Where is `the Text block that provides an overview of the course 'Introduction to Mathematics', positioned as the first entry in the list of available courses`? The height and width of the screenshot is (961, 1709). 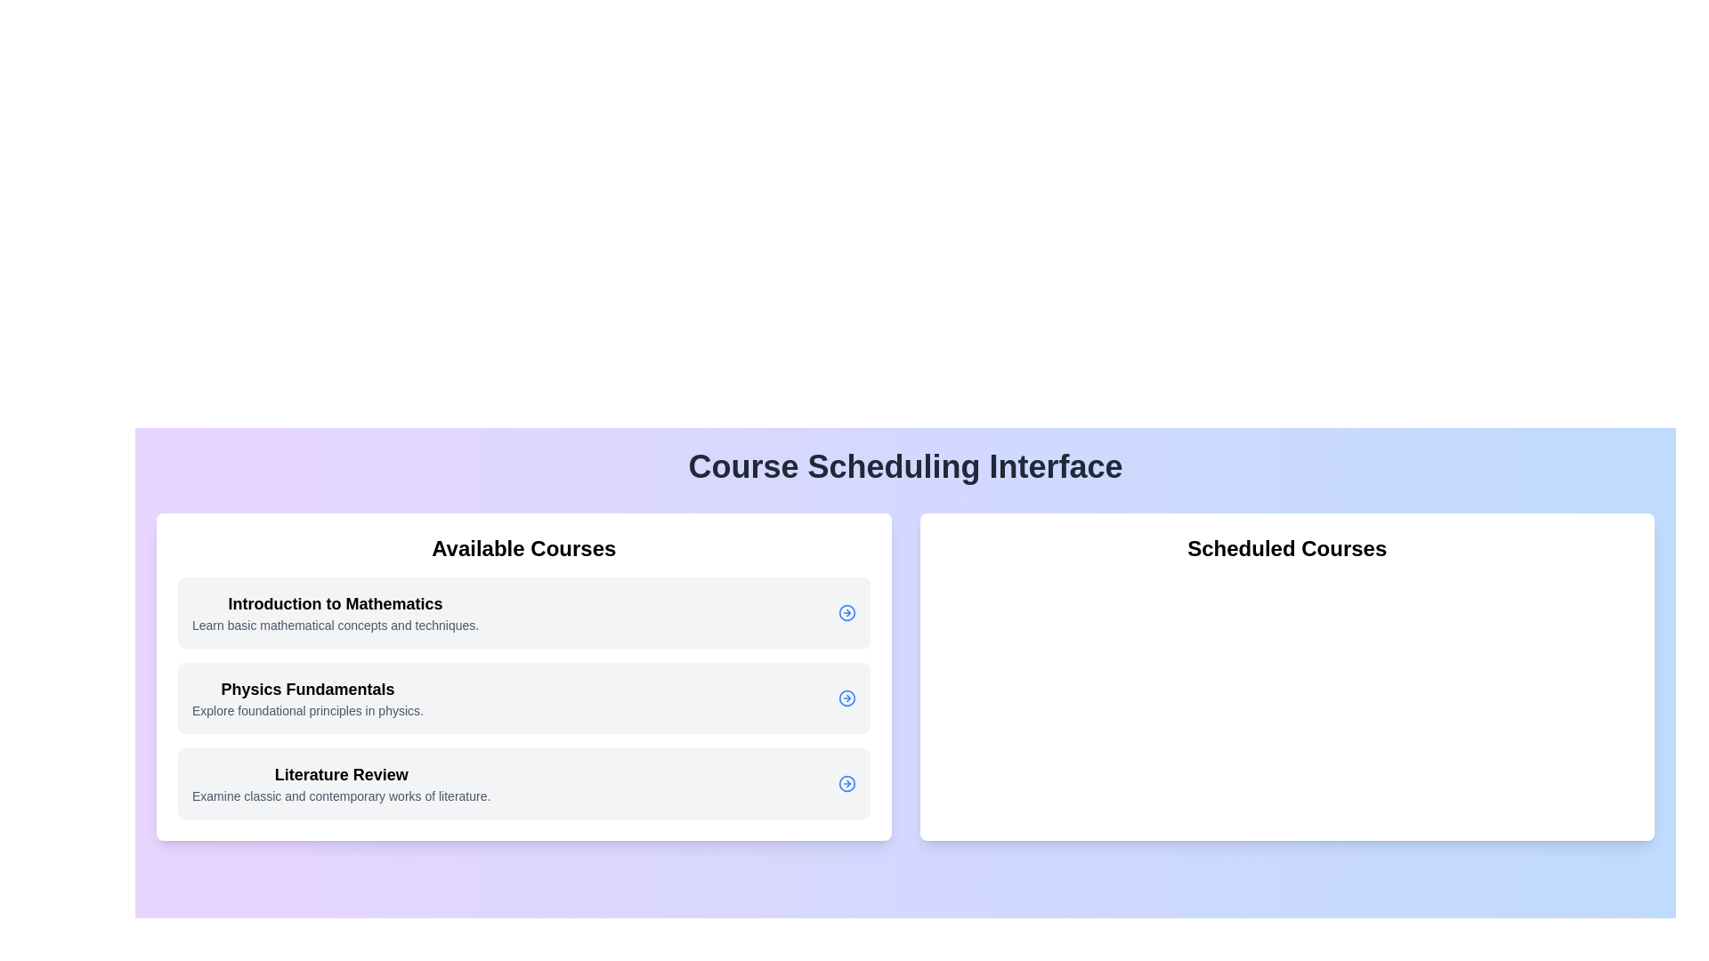 the Text block that provides an overview of the course 'Introduction to Mathematics', positioned as the first entry in the list of available courses is located at coordinates (336, 612).